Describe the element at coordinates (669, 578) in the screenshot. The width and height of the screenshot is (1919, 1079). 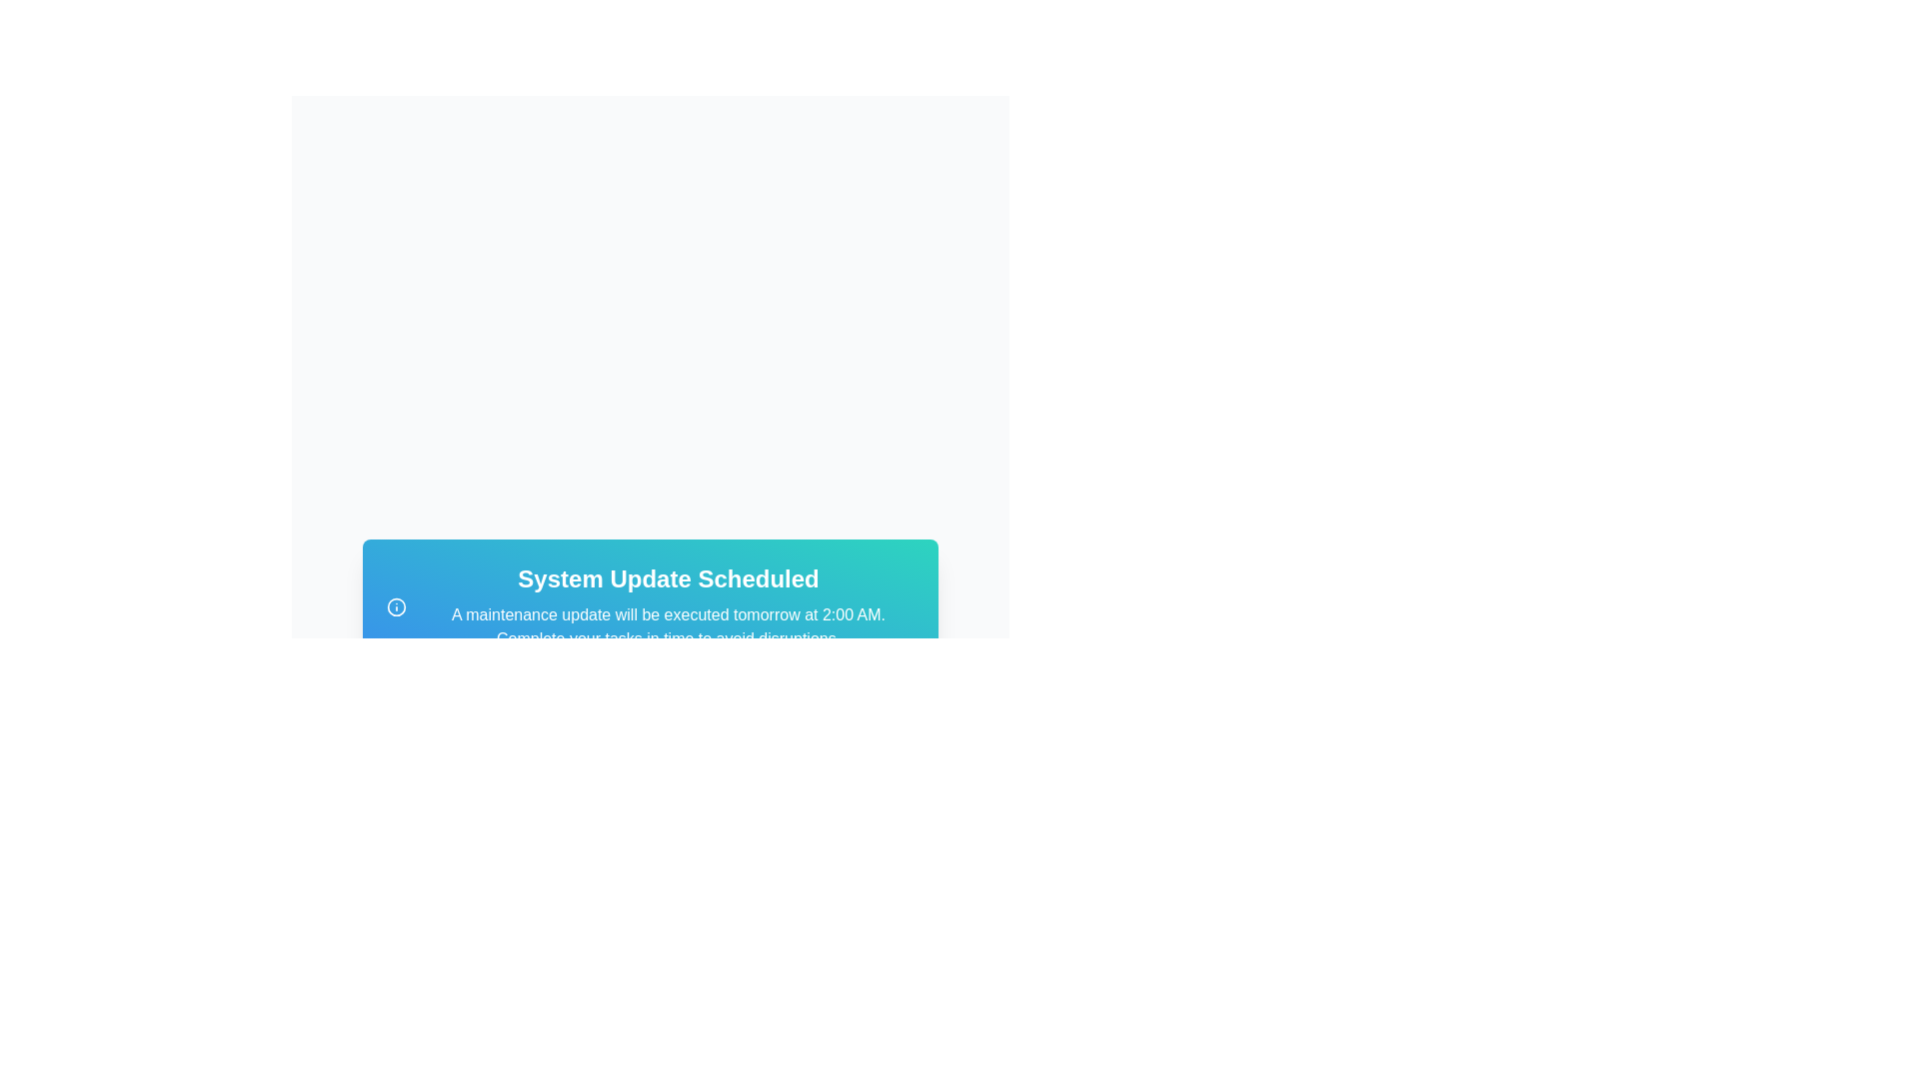
I see `the text label that states 'System Update Scheduled', which is prominently displayed in a large, bold, white font against a vibrant blue to teal gradient background` at that location.